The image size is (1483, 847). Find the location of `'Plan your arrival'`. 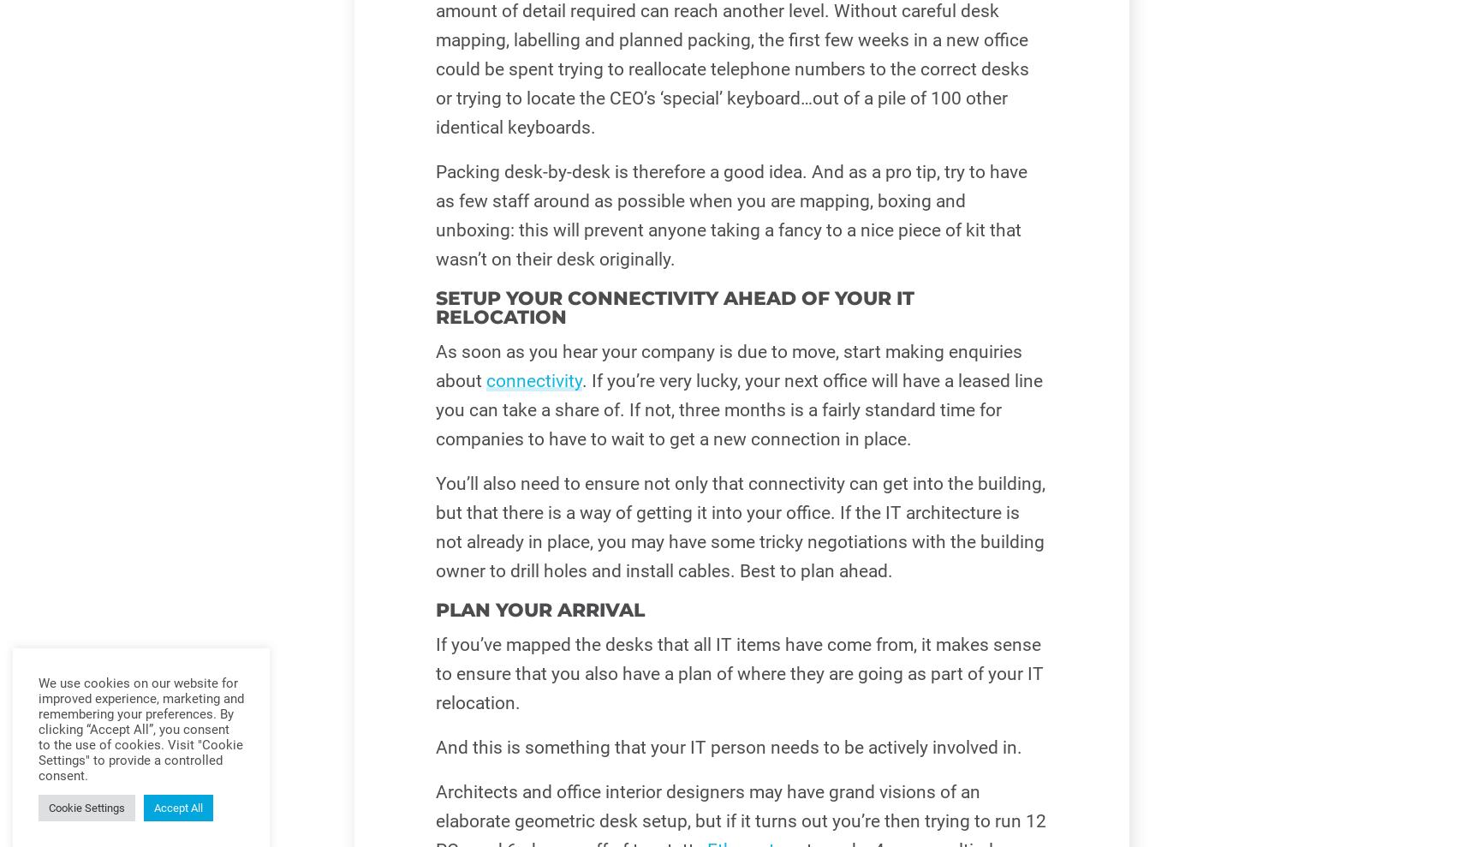

'Plan your arrival' is located at coordinates (539, 609).